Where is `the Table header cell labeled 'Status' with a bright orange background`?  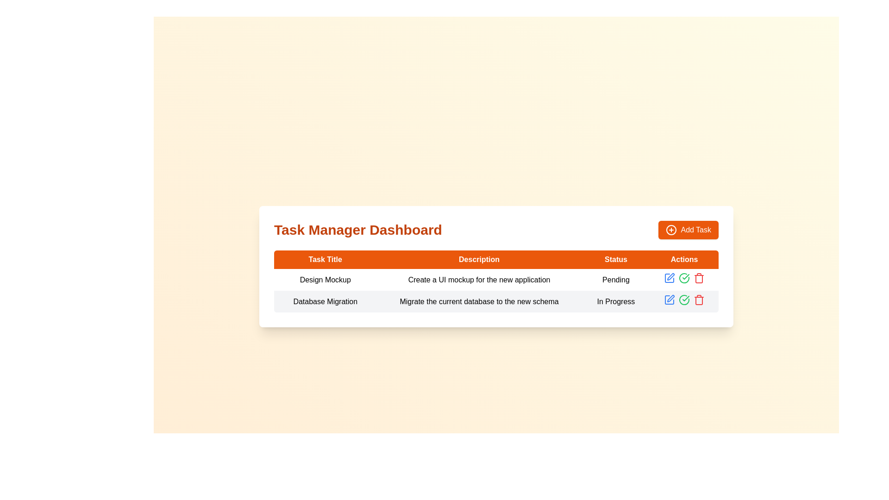
the Table header cell labeled 'Status' with a bright orange background is located at coordinates (616, 259).